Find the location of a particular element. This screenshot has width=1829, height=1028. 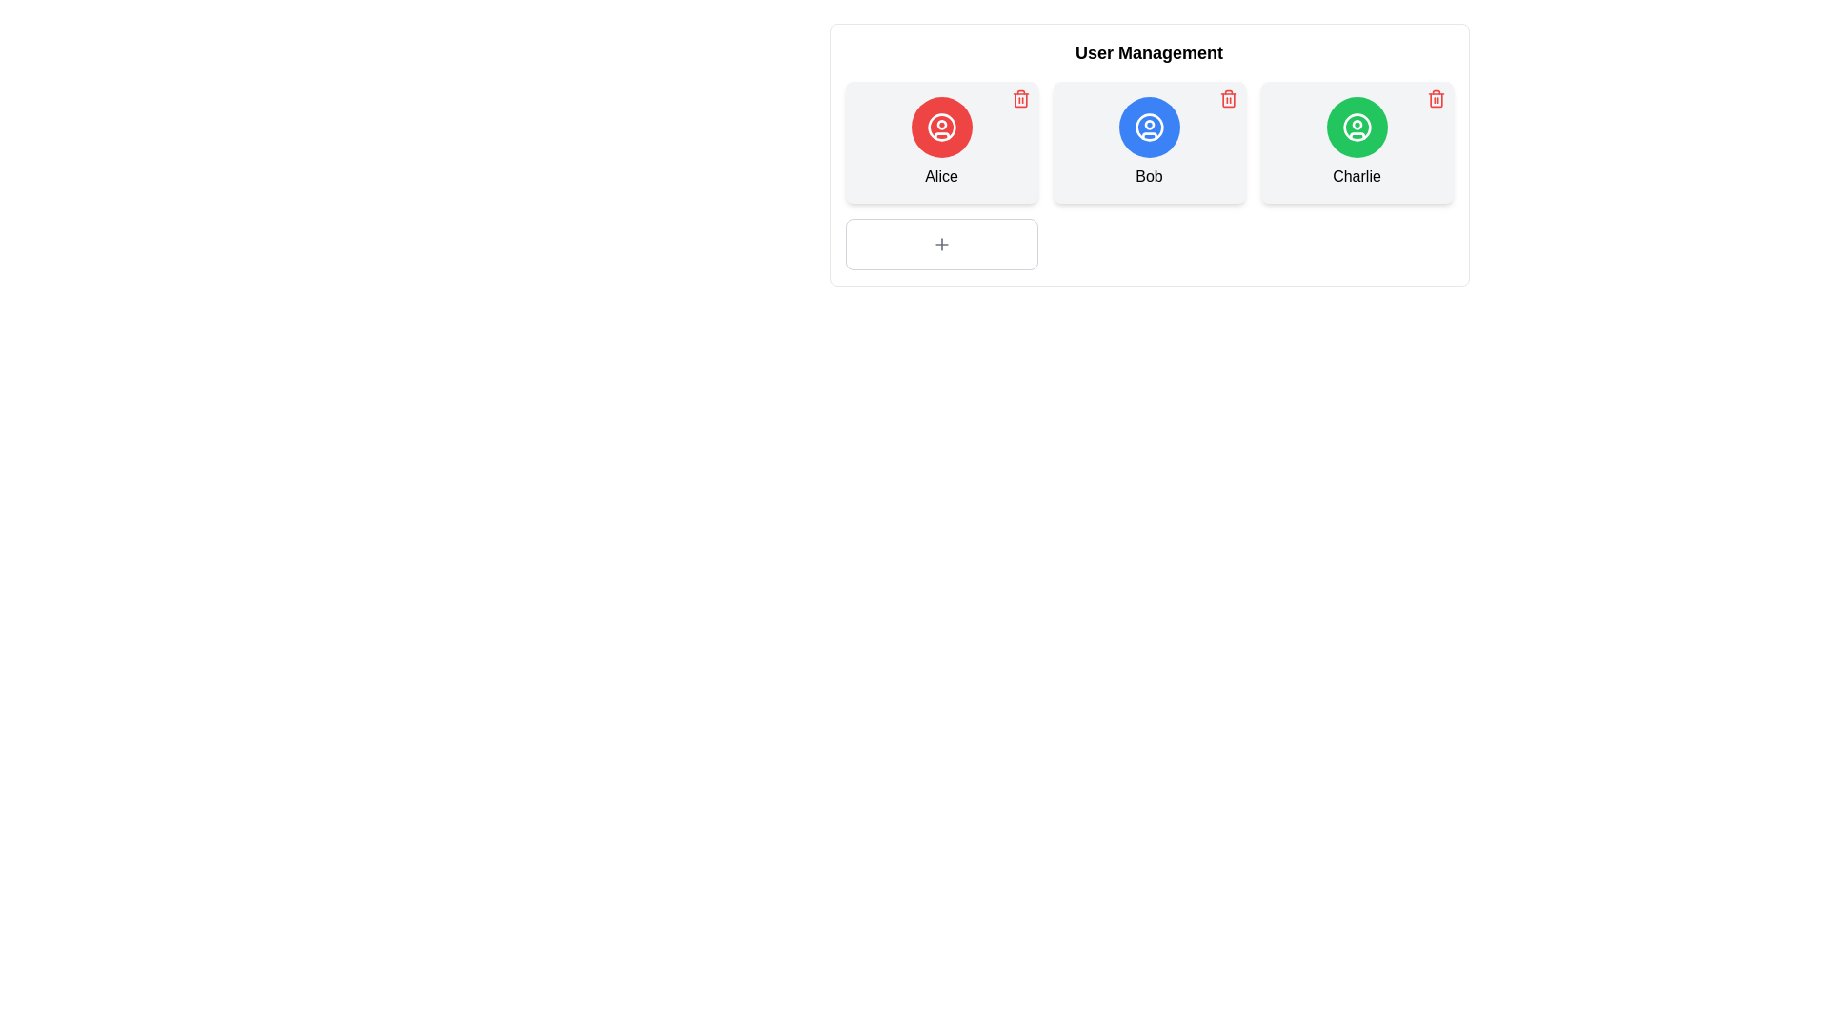

text label displaying the name 'Alice', which is centrally located beneath a circular user icon in the first card of a horizontal row of user cards is located at coordinates (941, 176).